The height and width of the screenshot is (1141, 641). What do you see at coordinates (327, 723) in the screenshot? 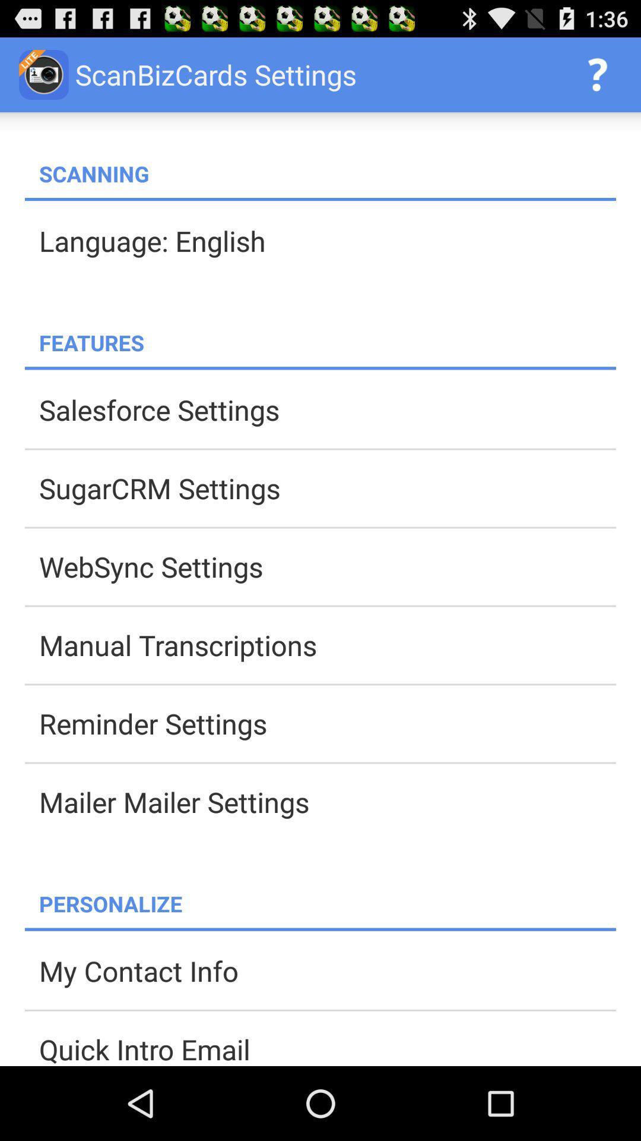
I see `the icon below manual transcriptions icon` at bounding box center [327, 723].